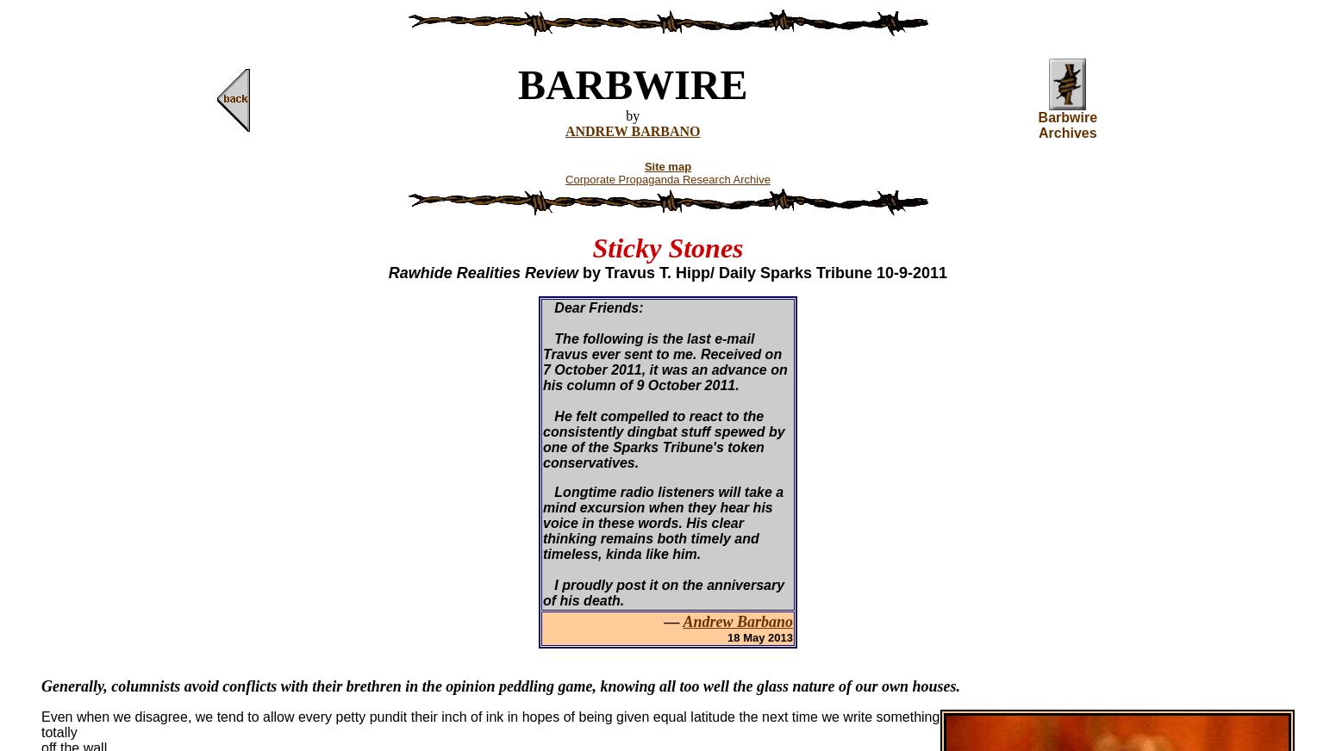 The image size is (1336, 751). Describe the element at coordinates (665, 362) in the screenshot. I see `'The following is the last e-mail Travus ever sent 
          to me. Received on 7 October 2011, it was an advance on his column of 
          9 October 2011.'` at that location.